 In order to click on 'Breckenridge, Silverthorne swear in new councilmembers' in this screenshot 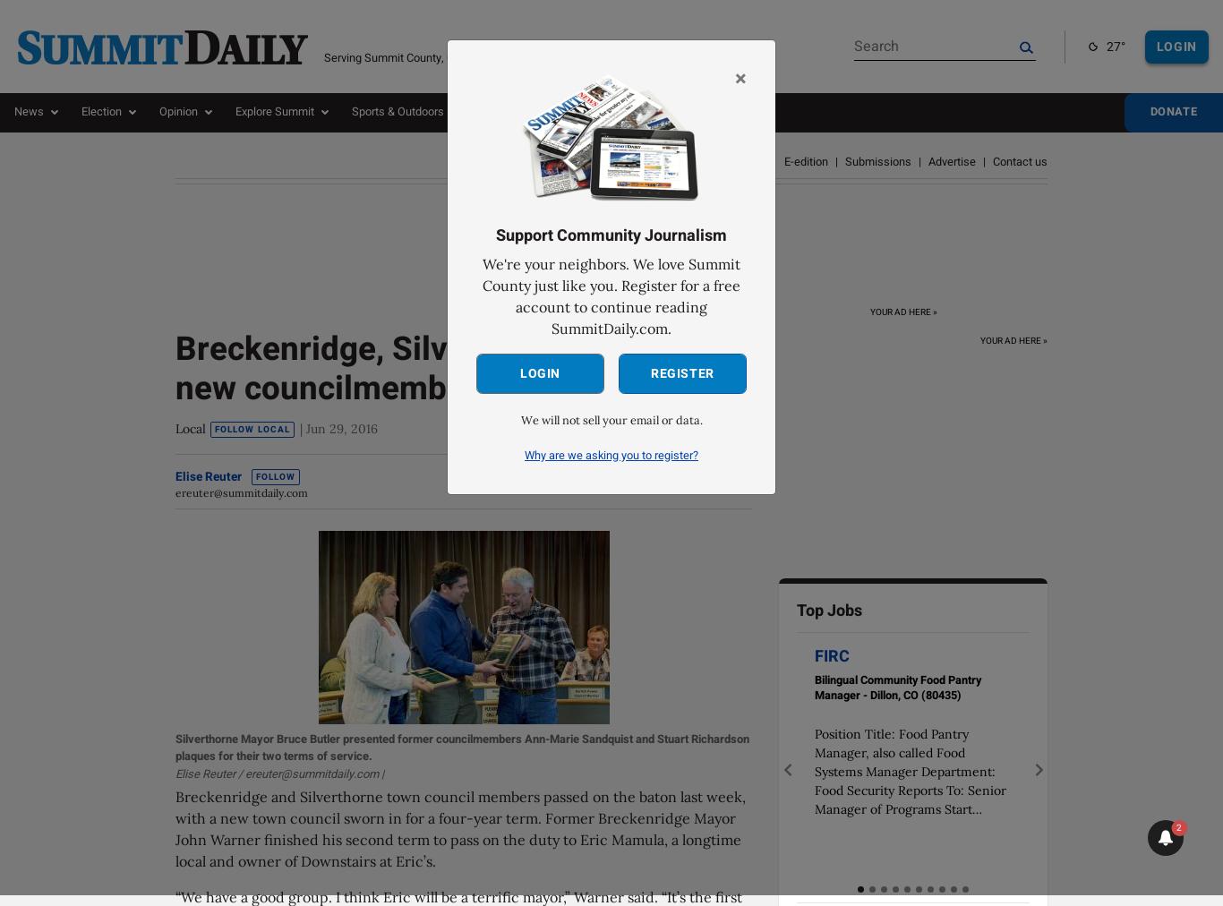, I will do `click(175, 367)`.